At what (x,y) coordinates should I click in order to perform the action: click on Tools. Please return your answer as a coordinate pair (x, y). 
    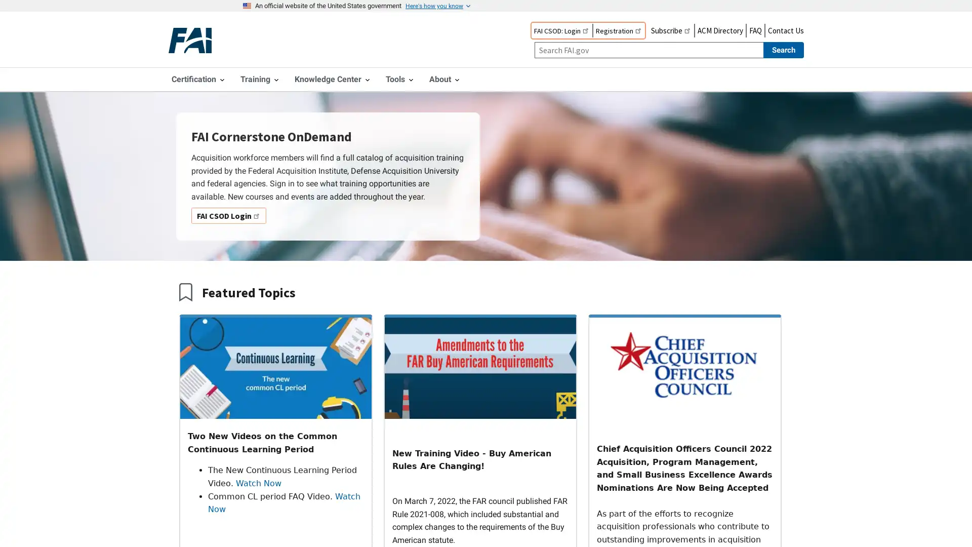
    Looking at the image, I should click on (398, 79).